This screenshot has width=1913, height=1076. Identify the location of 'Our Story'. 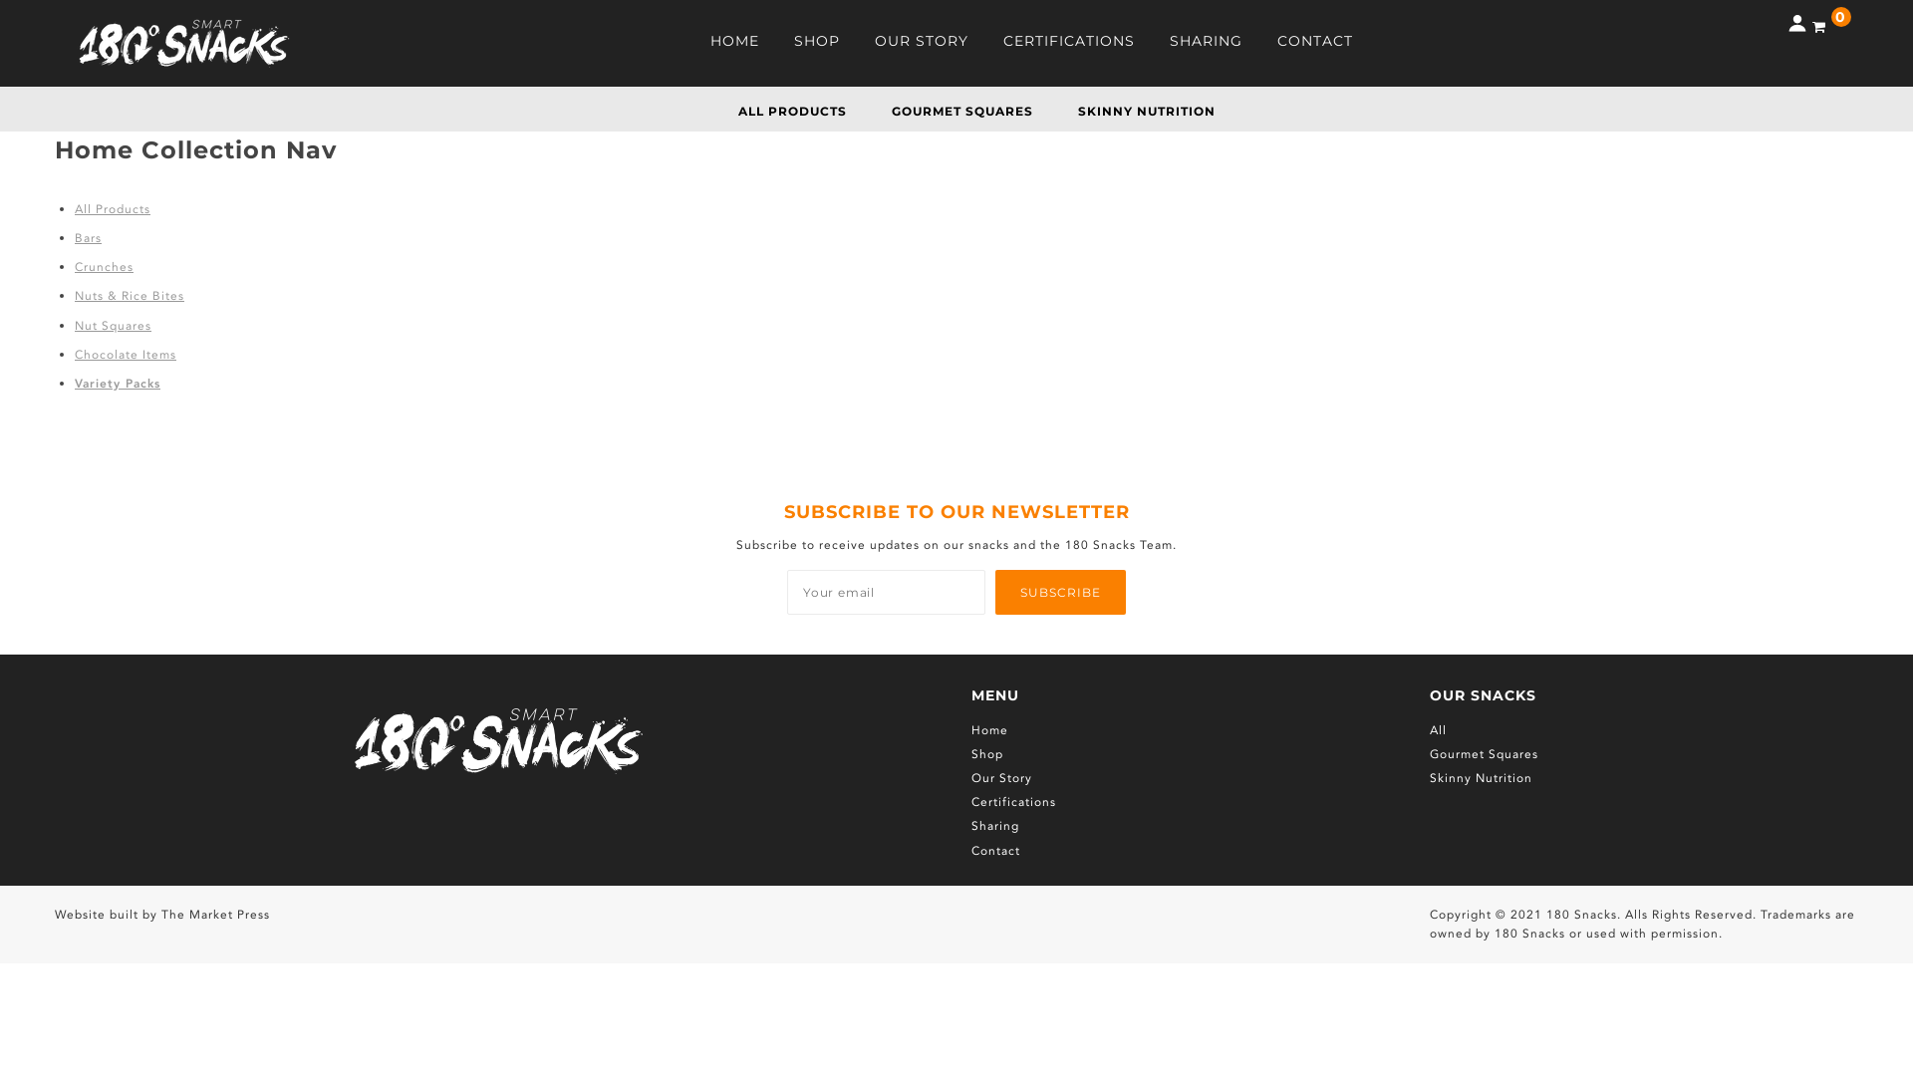
(1001, 776).